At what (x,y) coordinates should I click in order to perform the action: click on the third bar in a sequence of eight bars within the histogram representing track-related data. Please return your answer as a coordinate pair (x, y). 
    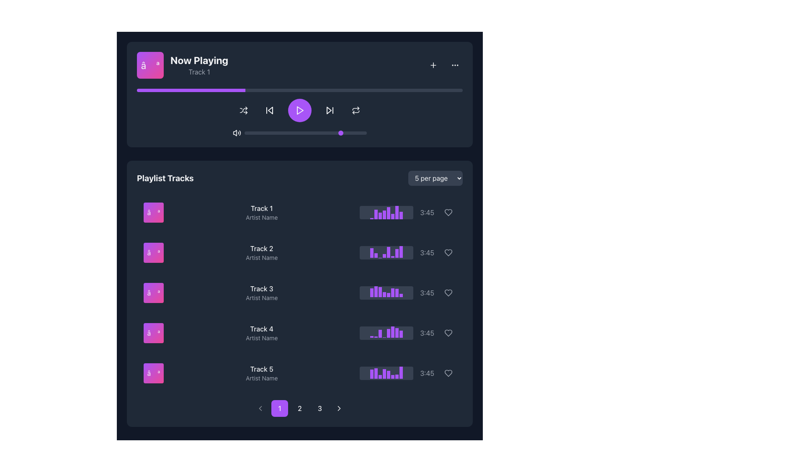
    Looking at the image, I should click on (380, 292).